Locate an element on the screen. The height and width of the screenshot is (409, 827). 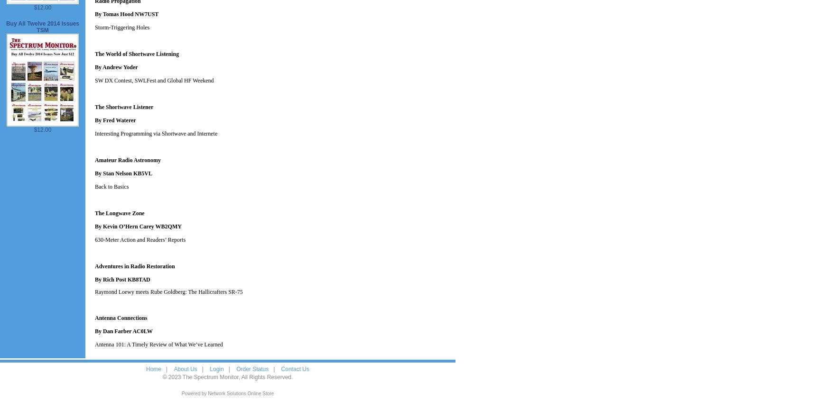
'Login' is located at coordinates (216, 369).